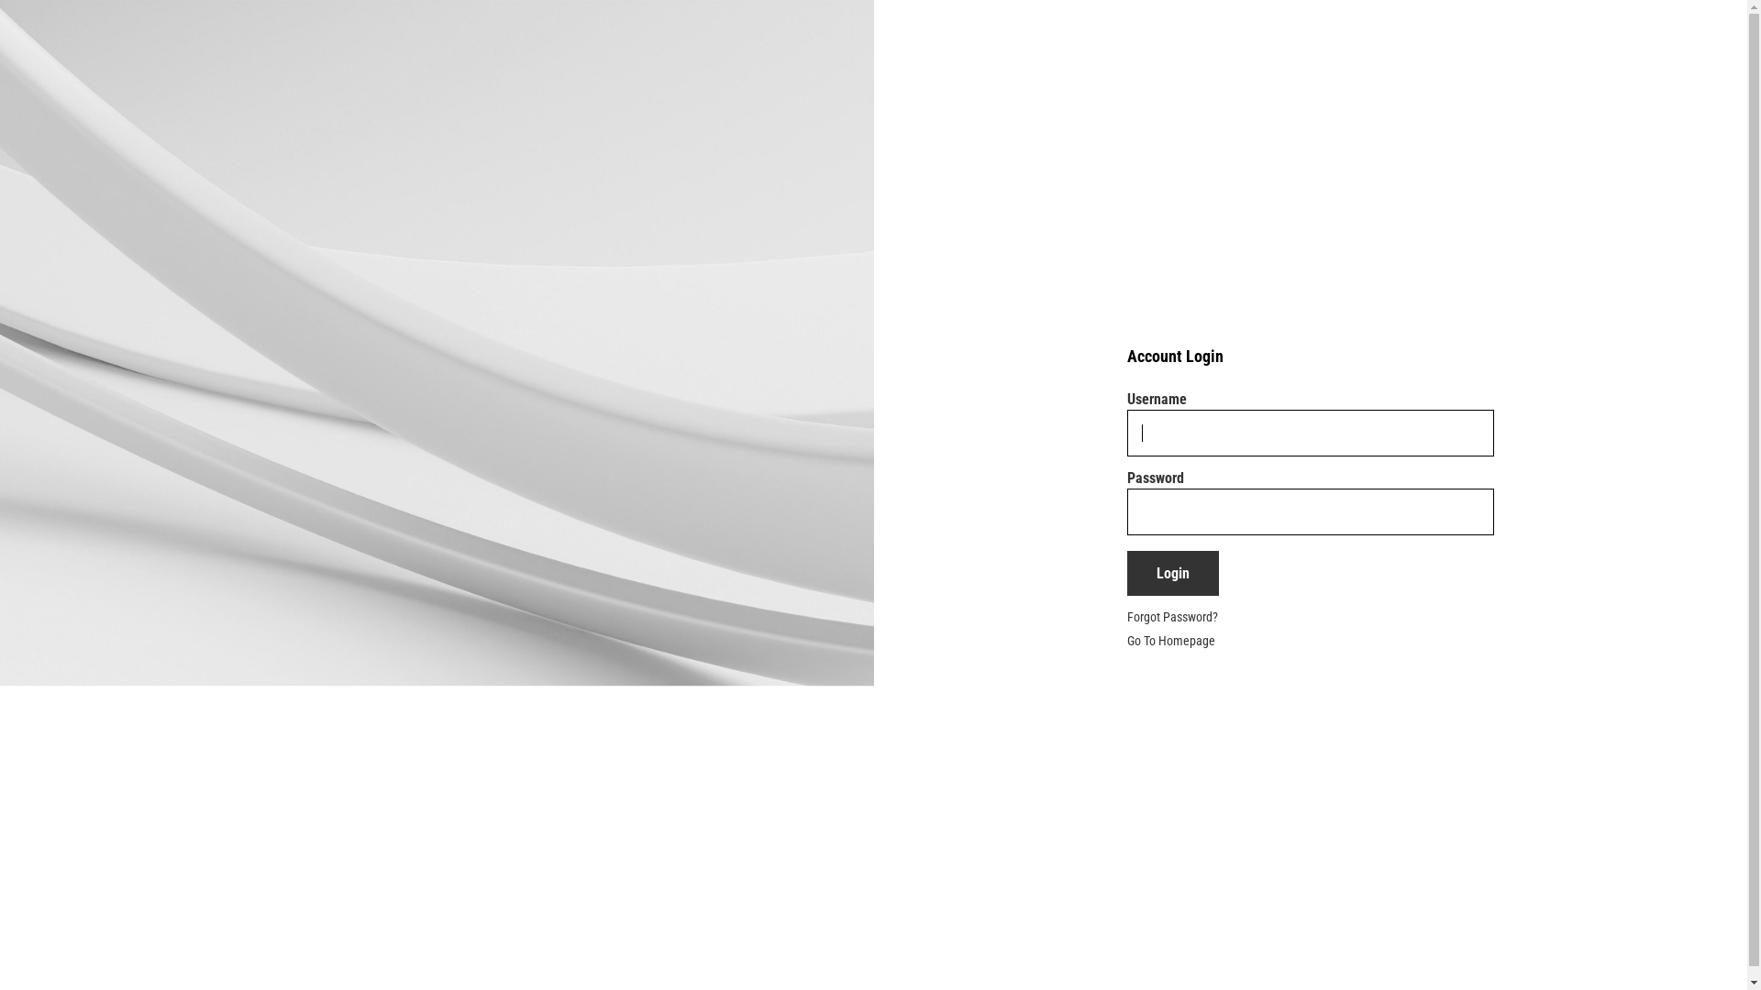 The image size is (1761, 990). I want to click on 'Go To Homepage', so click(1125, 639).